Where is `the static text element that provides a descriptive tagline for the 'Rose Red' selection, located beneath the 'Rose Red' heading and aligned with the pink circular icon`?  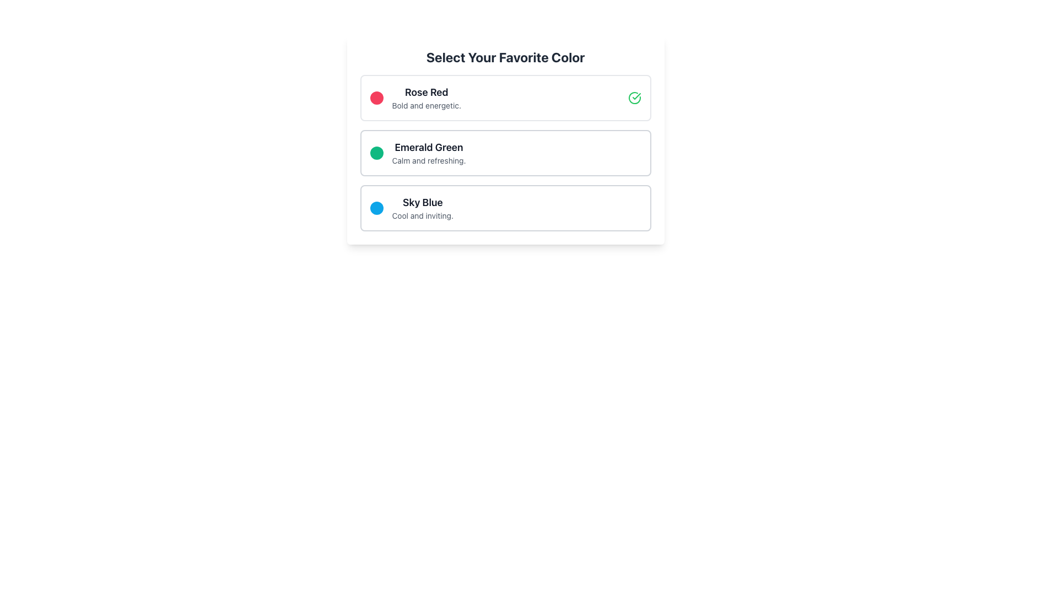
the static text element that provides a descriptive tagline for the 'Rose Red' selection, located beneath the 'Rose Red' heading and aligned with the pink circular icon is located at coordinates (426, 106).